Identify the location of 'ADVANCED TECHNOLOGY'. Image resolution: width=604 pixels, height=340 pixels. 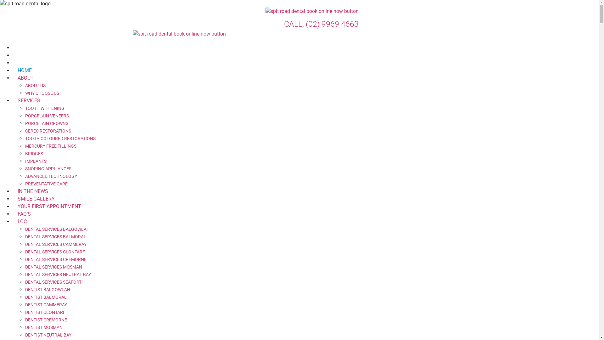
(51, 176).